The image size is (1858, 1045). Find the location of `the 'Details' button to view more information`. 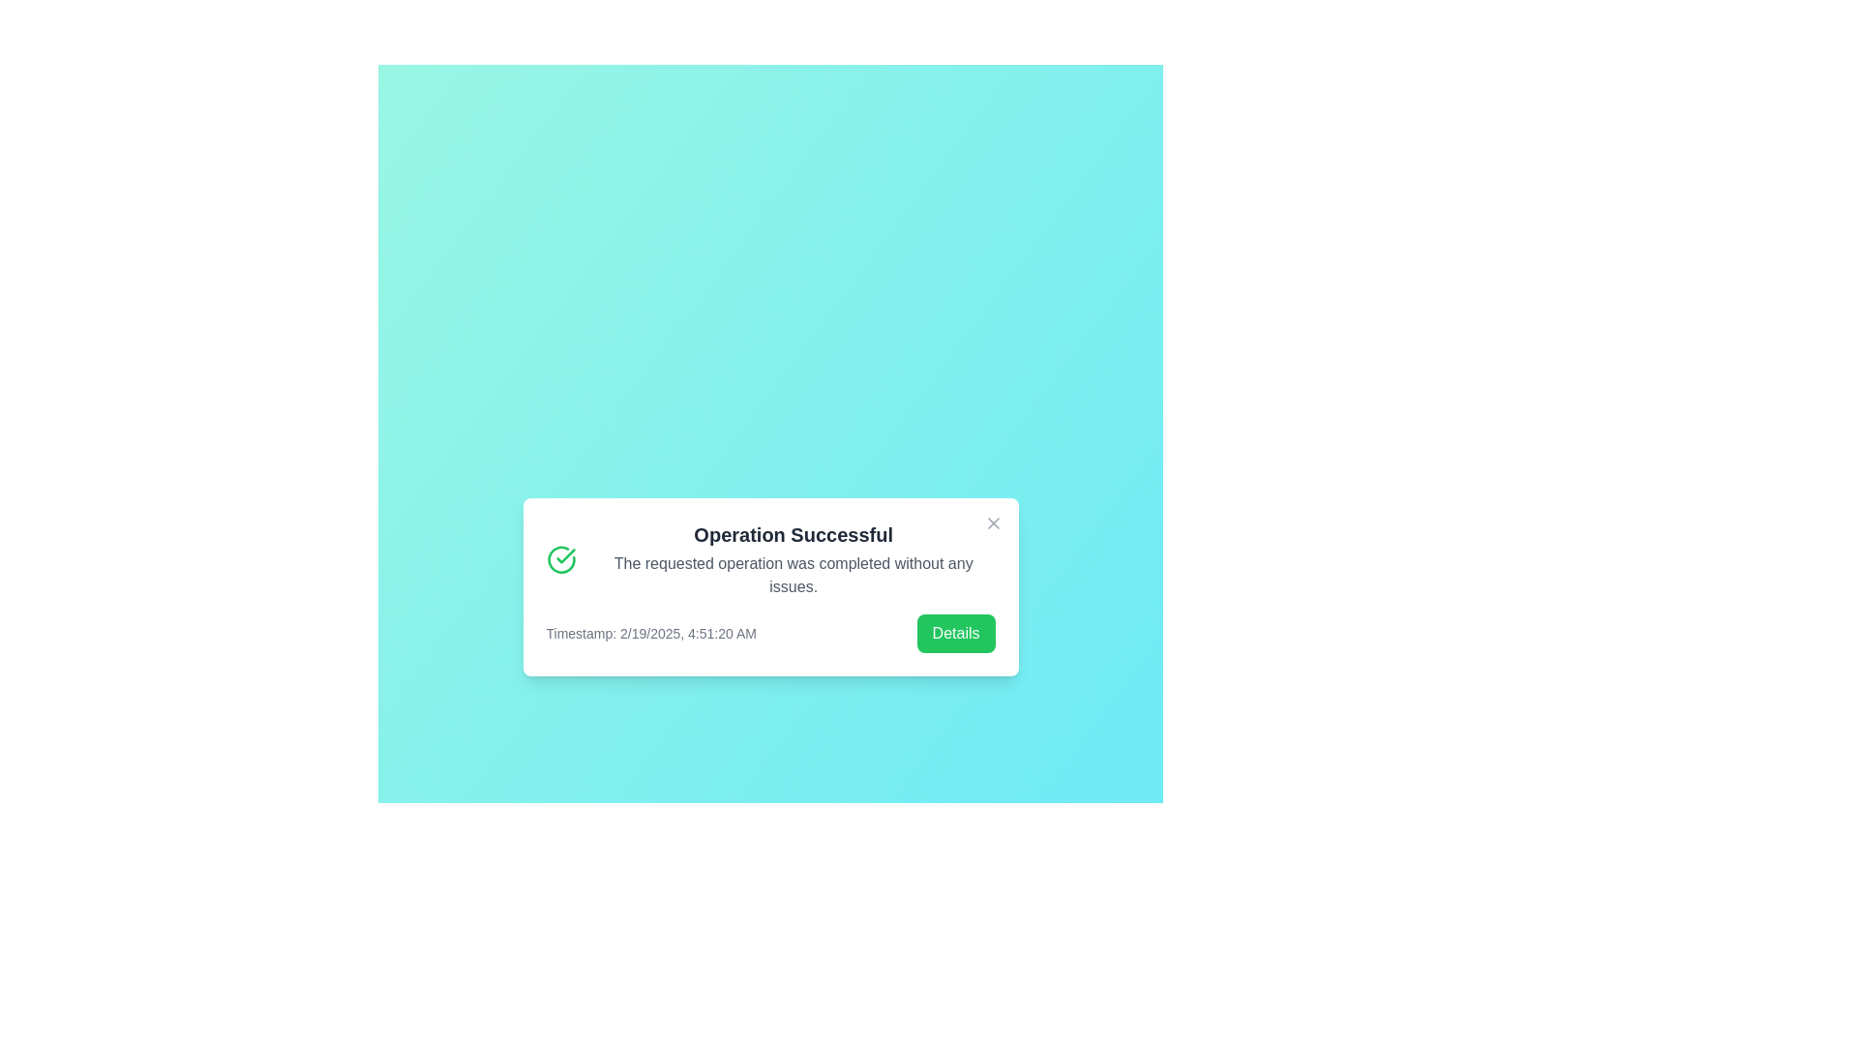

the 'Details' button to view more information is located at coordinates (956, 634).